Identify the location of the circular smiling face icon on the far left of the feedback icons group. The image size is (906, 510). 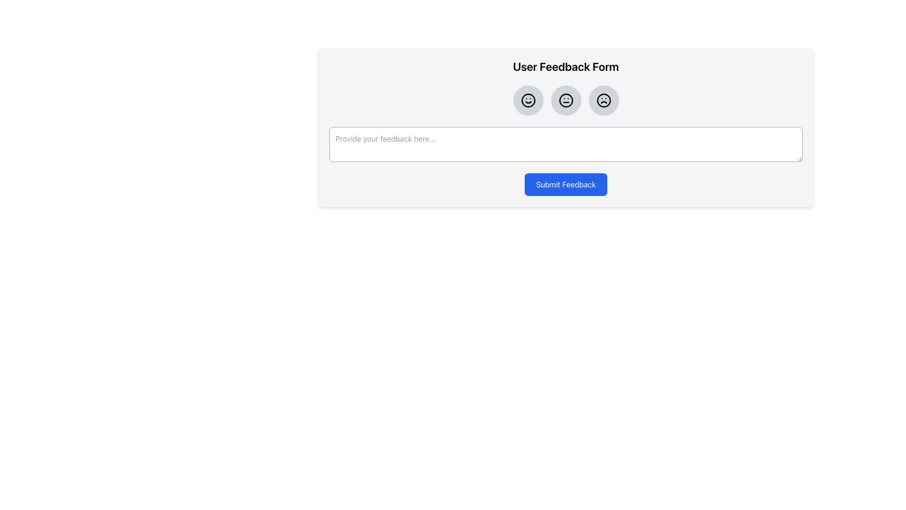
(528, 100).